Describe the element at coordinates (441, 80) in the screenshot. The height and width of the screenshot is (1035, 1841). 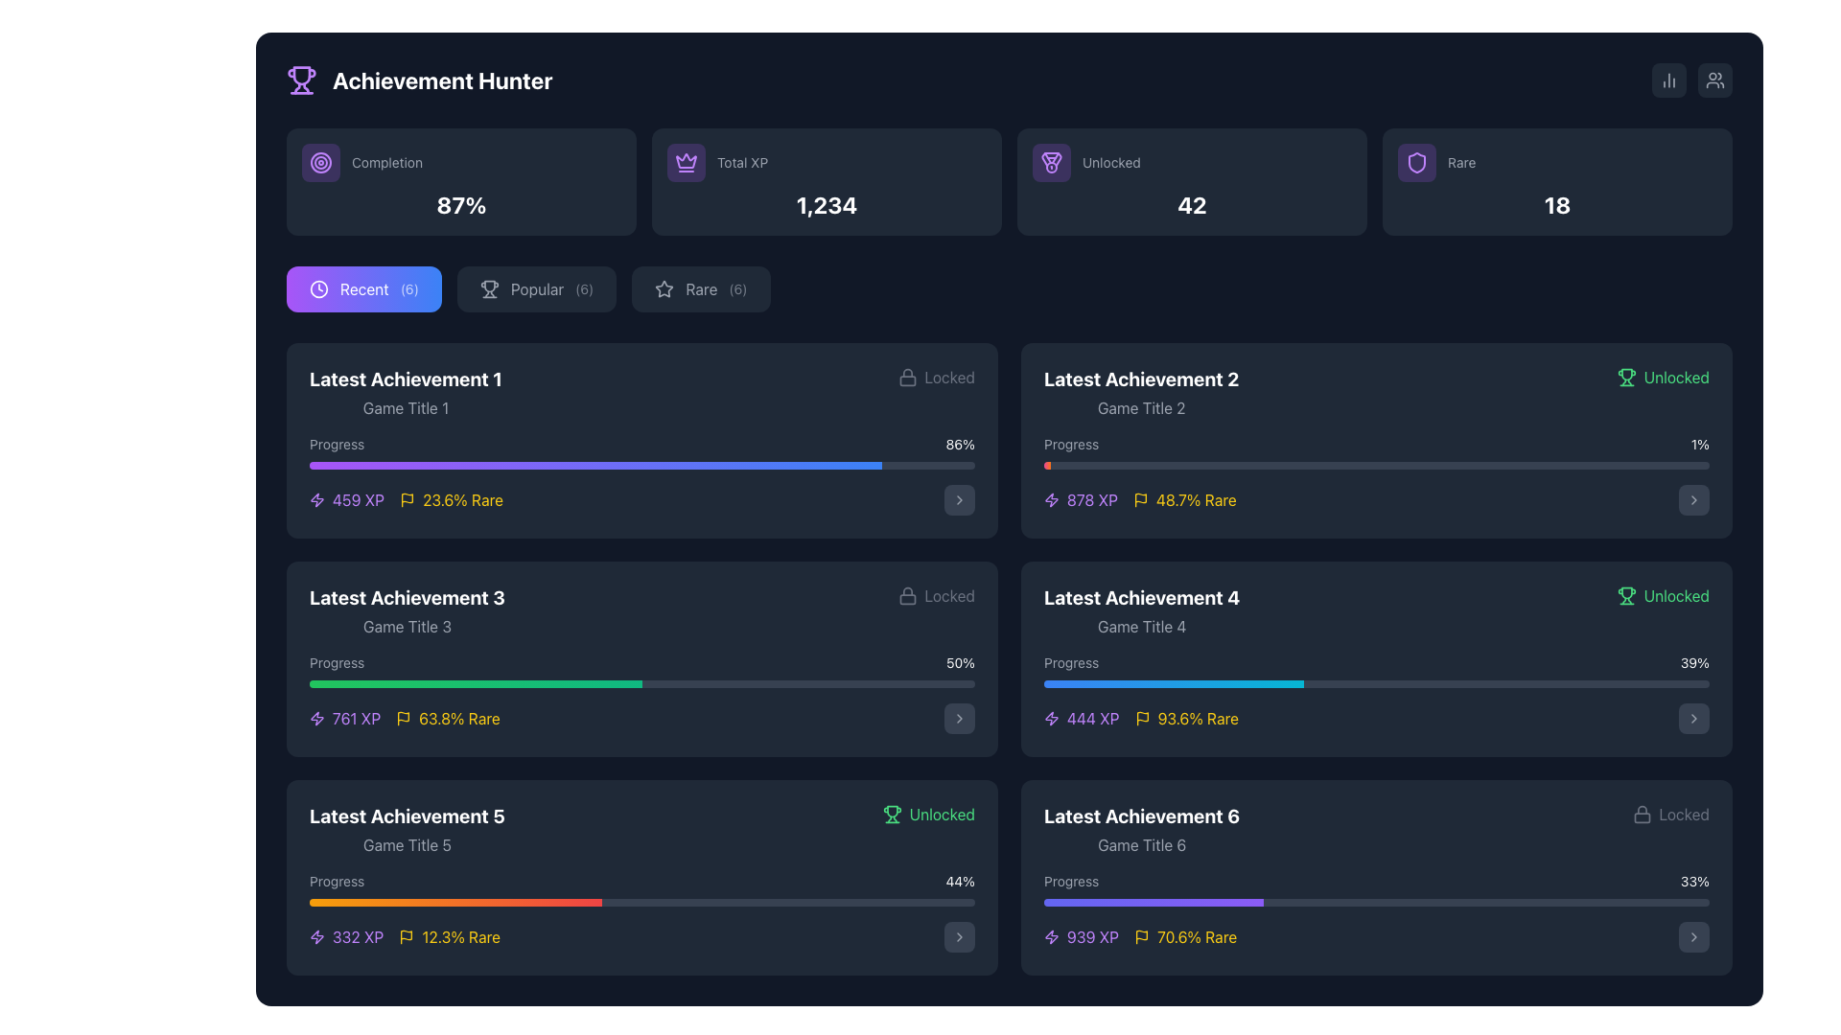
I see `text label that serves as a header or title for the interface, located in the top-left corner, to the right of a trophy icon` at that location.